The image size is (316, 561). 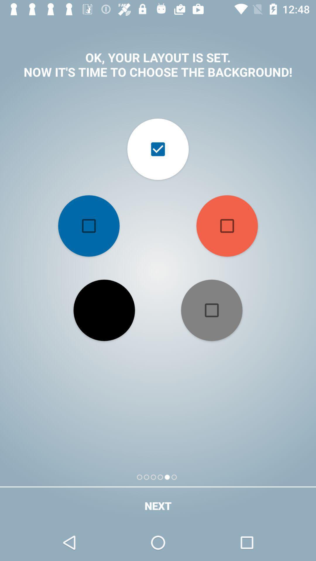 What do you see at coordinates (227, 226) in the screenshot?
I see `the item below ok your layout` at bounding box center [227, 226].